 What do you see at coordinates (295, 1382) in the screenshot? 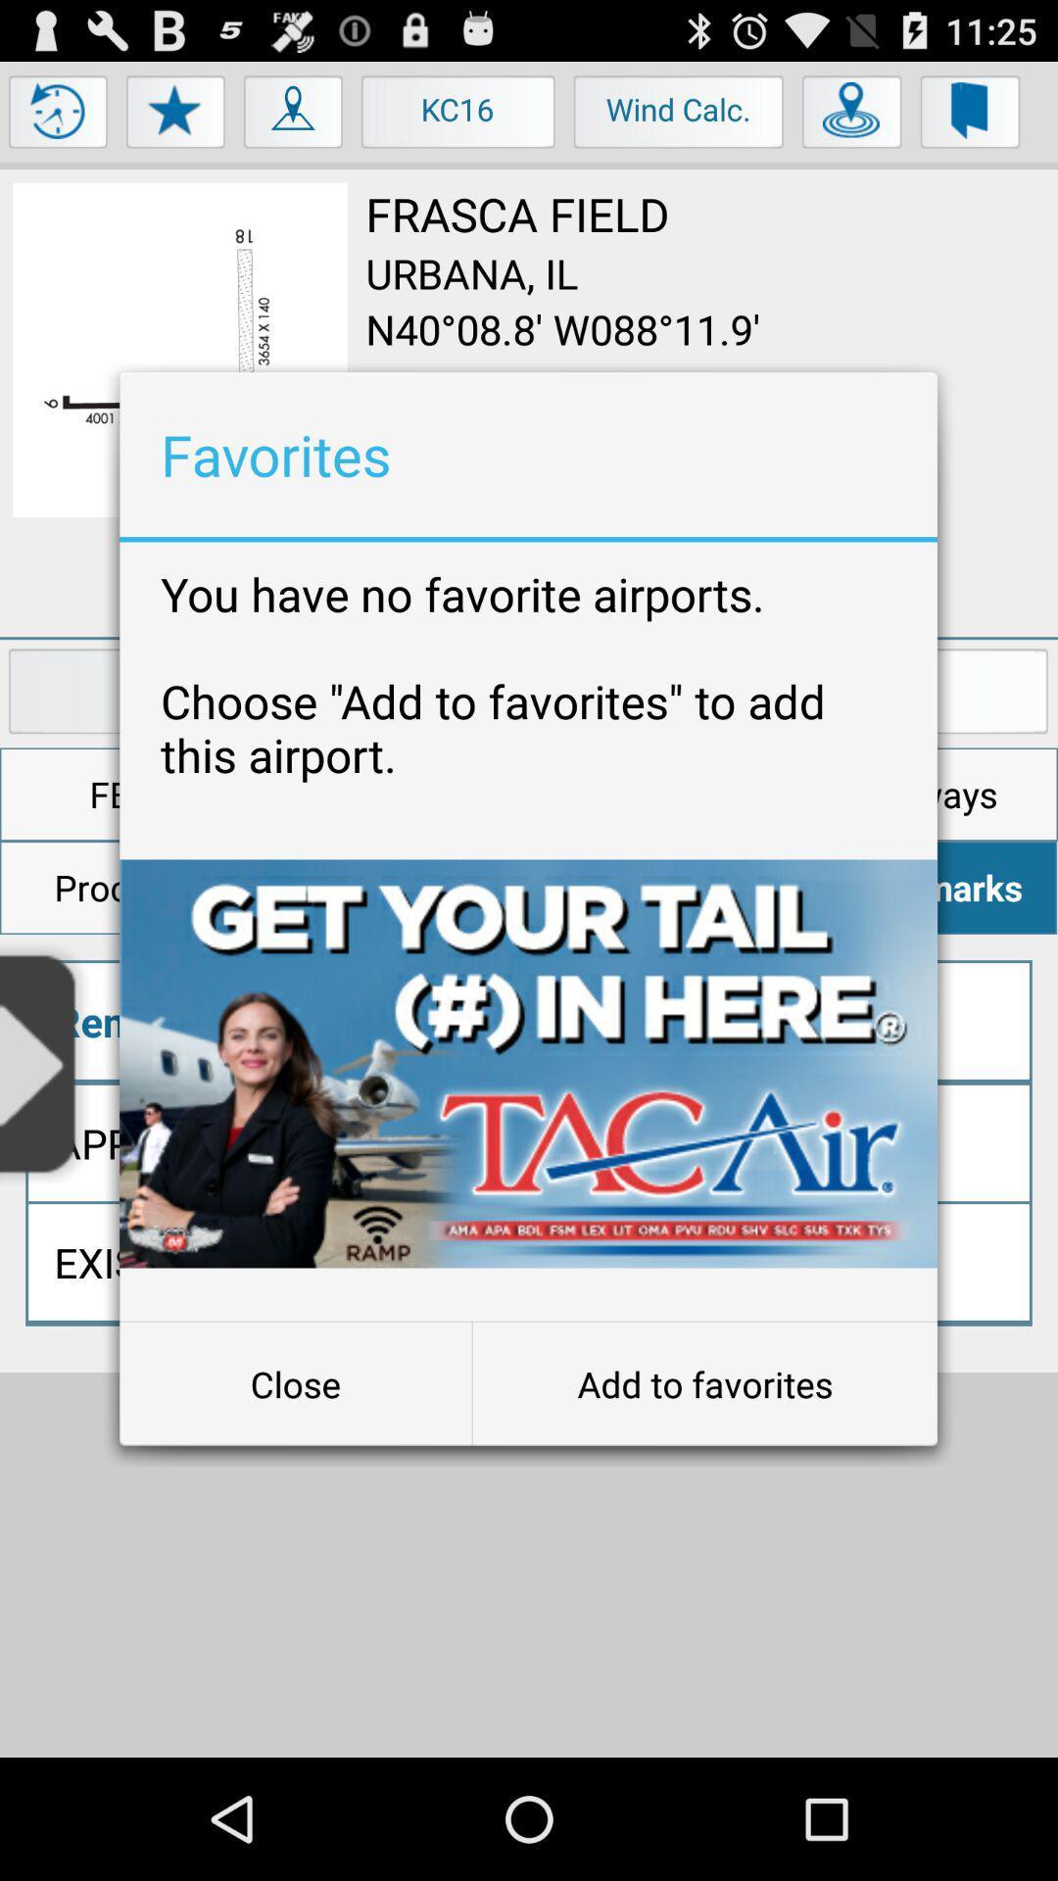
I see `close item` at bounding box center [295, 1382].